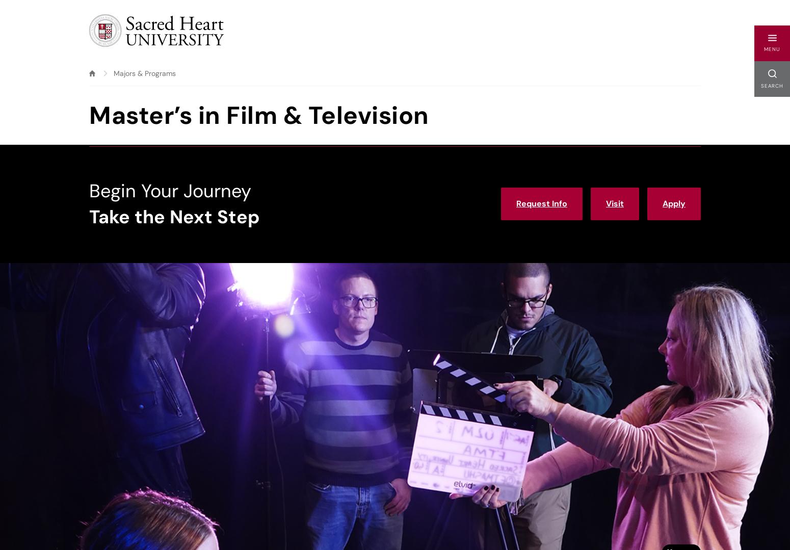 The width and height of the screenshot is (790, 550). Describe the element at coordinates (94, 456) in the screenshot. I see `'The film and television master’s program'` at that location.